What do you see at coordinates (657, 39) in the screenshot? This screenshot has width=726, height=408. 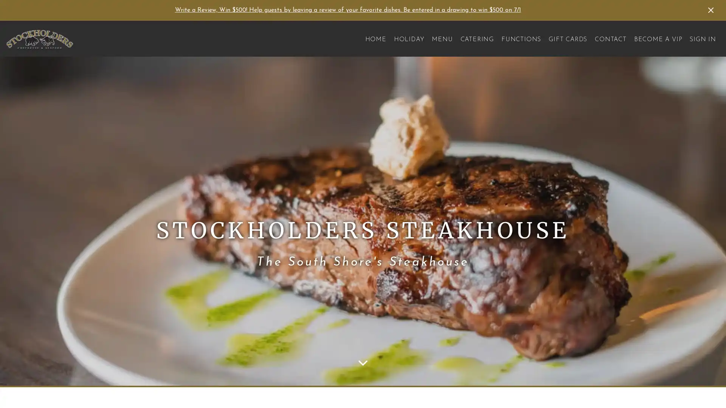 I see `BECOME A VIP` at bounding box center [657, 39].